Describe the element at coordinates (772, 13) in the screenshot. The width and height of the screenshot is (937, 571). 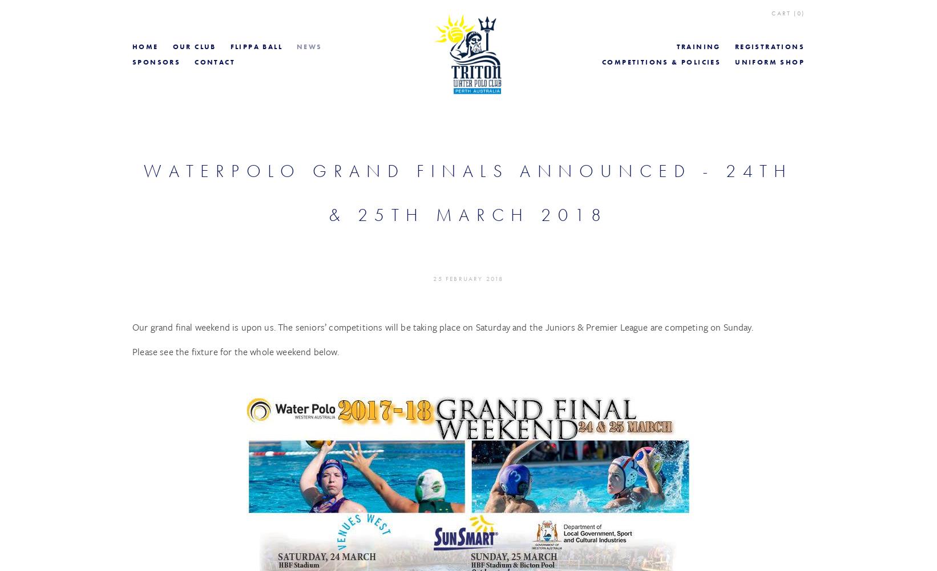
I see `'Cart'` at that location.